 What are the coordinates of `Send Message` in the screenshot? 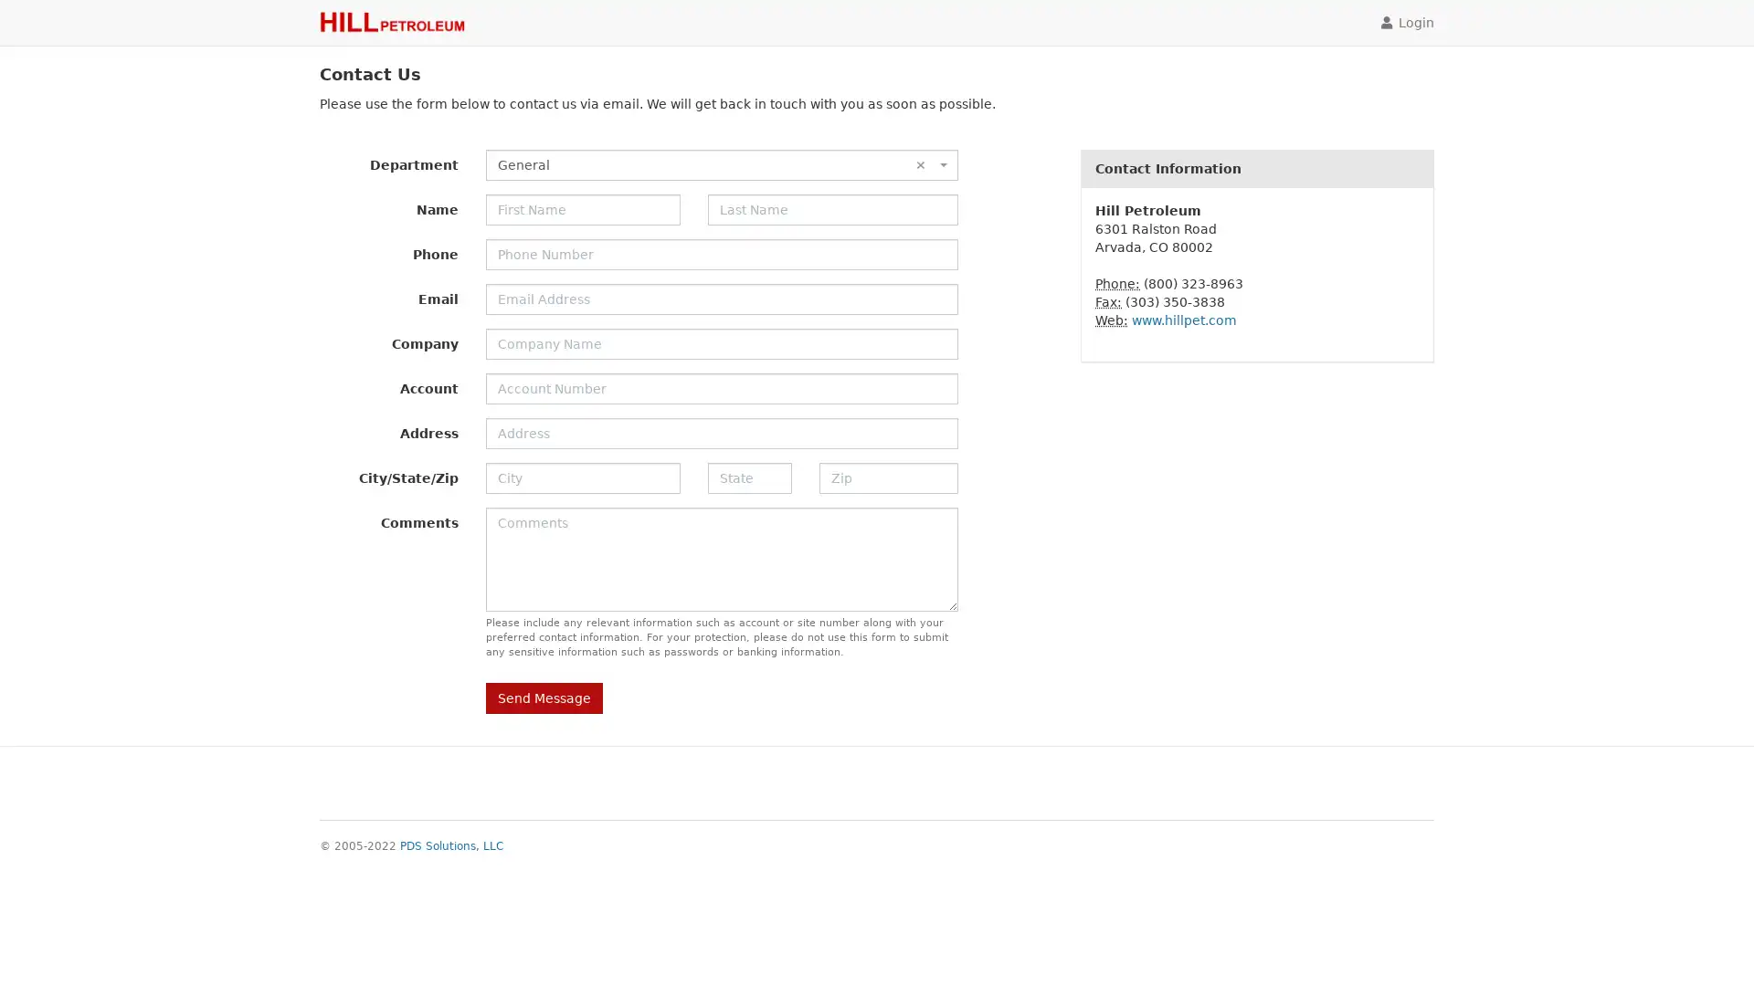 It's located at (543, 698).